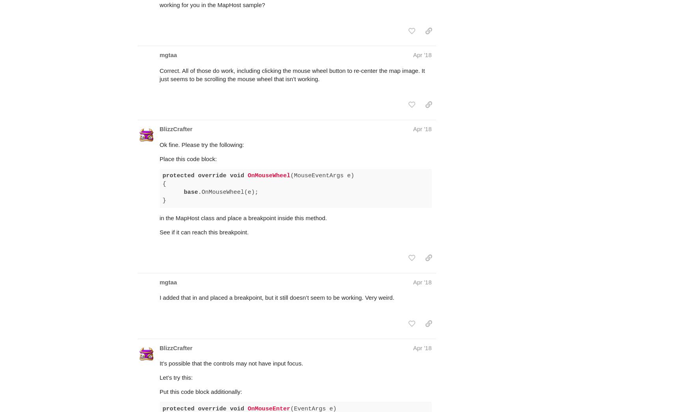 This screenshot has width=690, height=412. Describe the element at coordinates (176, 346) in the screenshot. I see `'Let’s try this:'` at that location.